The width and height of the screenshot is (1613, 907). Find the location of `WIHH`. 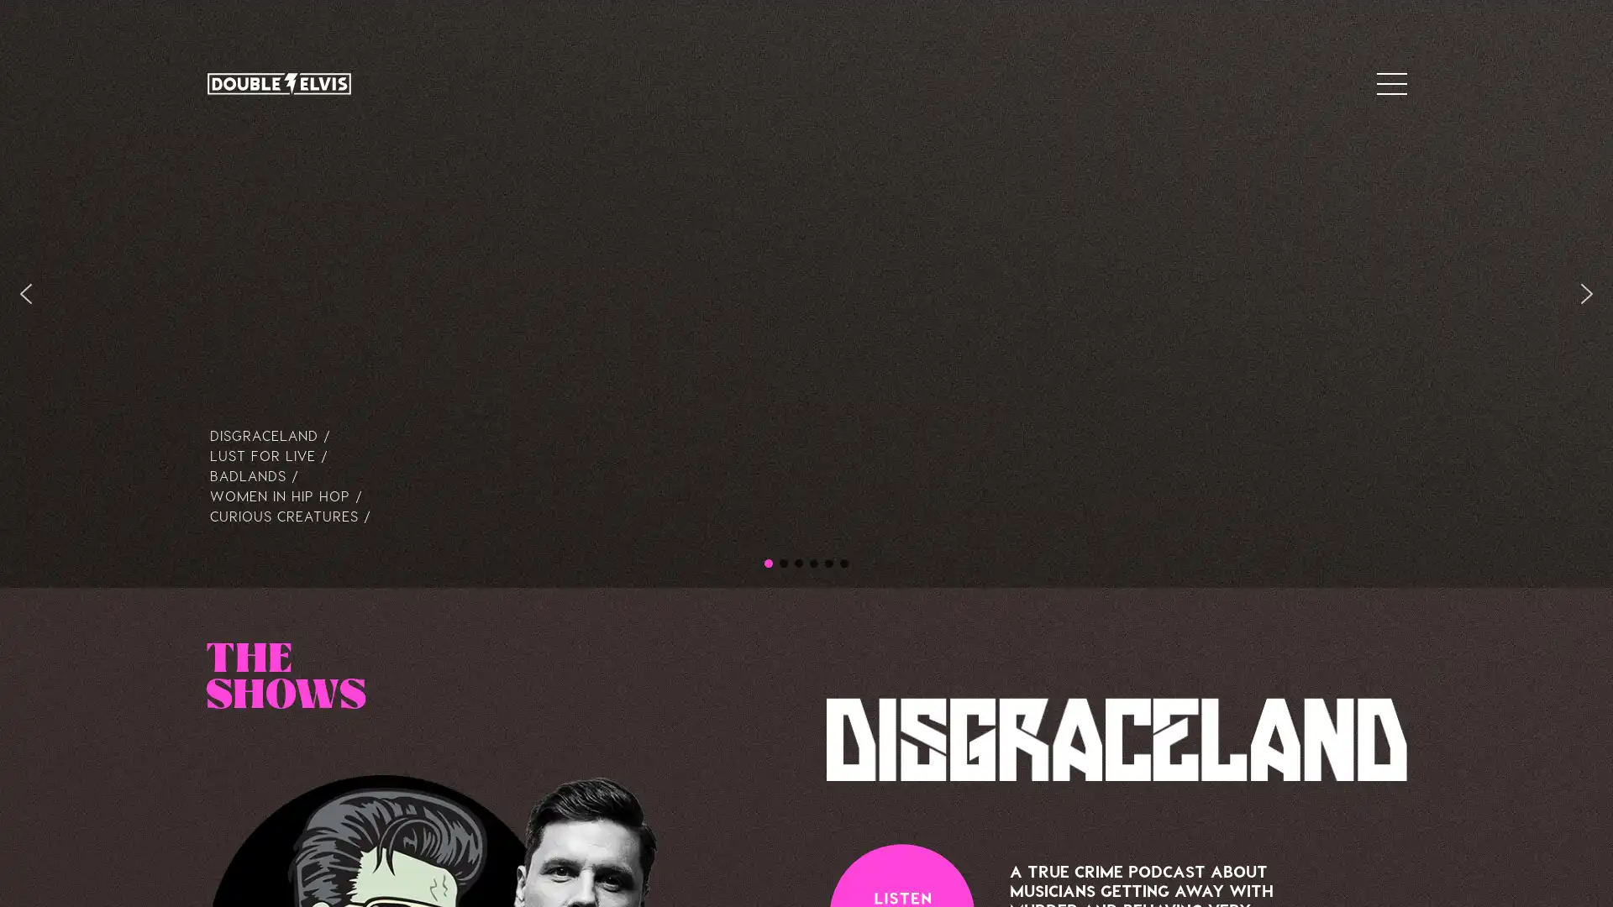

WIHH is located at coordinates (829, 564).